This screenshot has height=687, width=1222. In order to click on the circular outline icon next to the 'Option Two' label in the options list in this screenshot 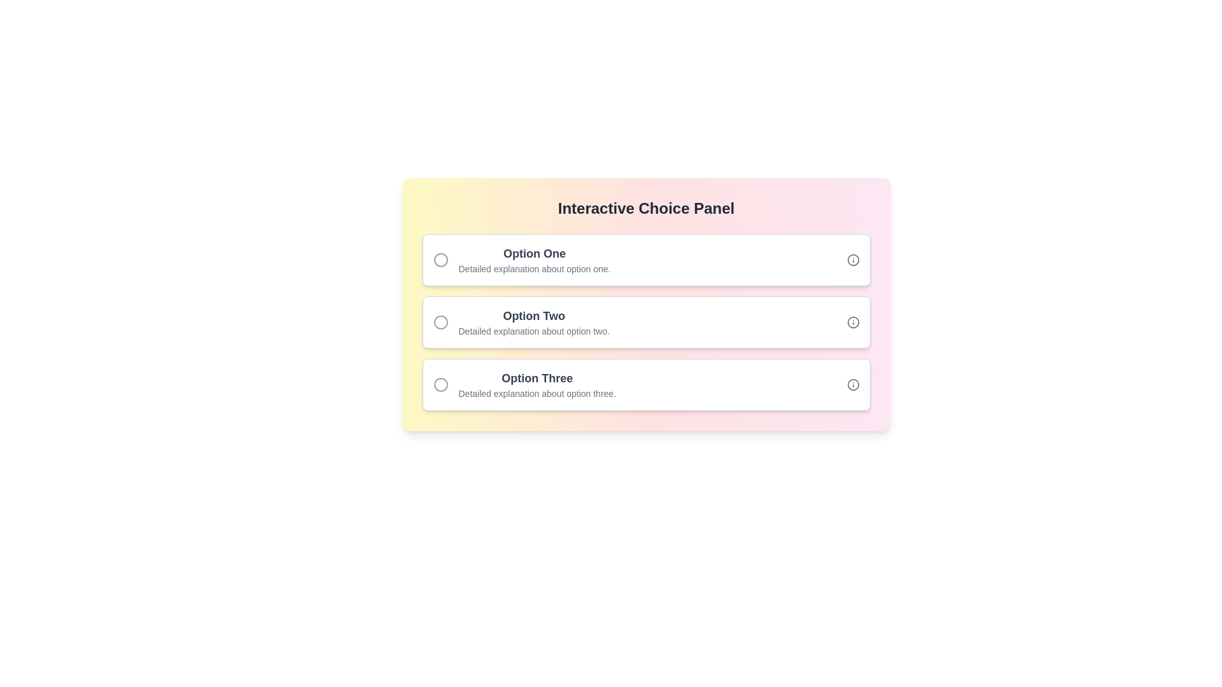, I will do `click(853, 321)`.